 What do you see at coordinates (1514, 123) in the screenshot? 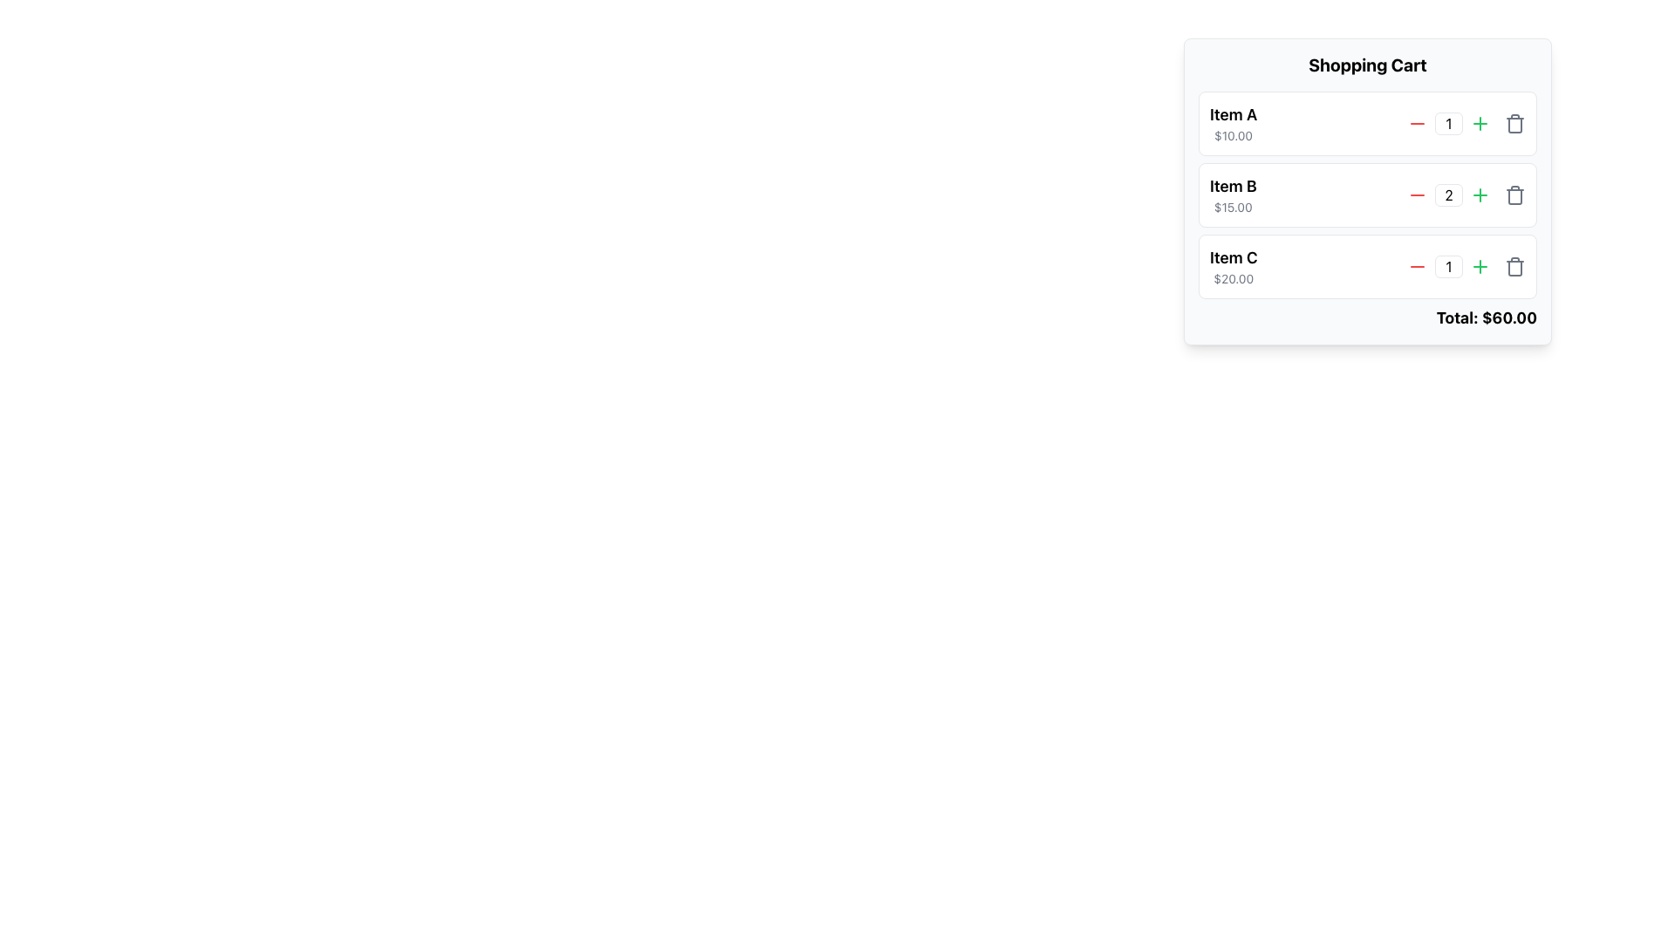
I see `the icon-based button on the far right of the first row in the shopping cart` at bounding box center [1514, 123].